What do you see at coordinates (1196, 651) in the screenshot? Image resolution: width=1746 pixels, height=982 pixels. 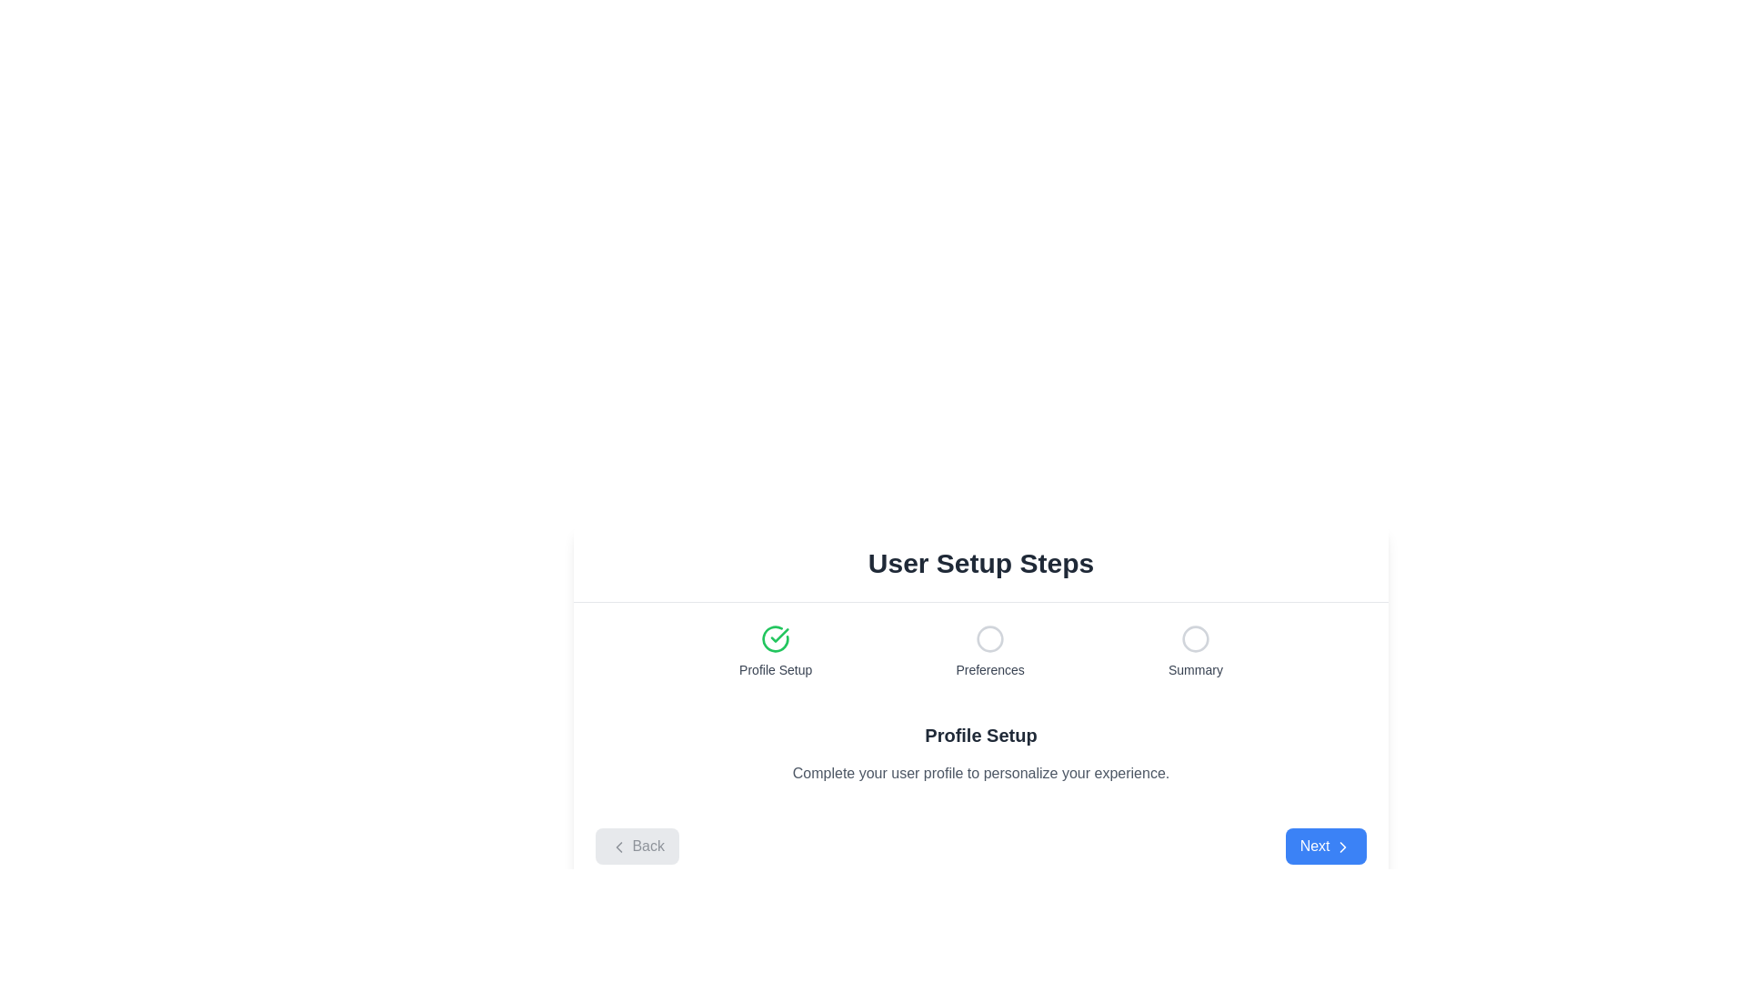 I see `the Step indicator with the gray outlined circular icon above the text label 'Summary', which is the third component in a horizontal row of three, located below 'User Setup Steps'` at bounding box center [1196, 651].